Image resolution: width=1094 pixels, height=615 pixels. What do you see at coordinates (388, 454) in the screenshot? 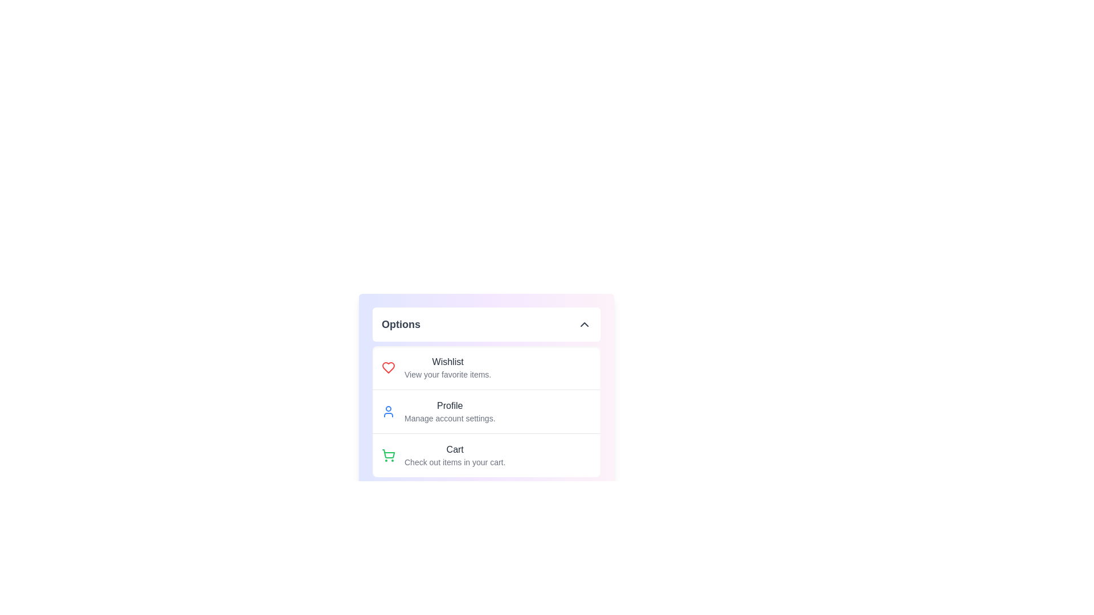
I see `the Cart icon to interact with it` at bounding box center [388, 454].